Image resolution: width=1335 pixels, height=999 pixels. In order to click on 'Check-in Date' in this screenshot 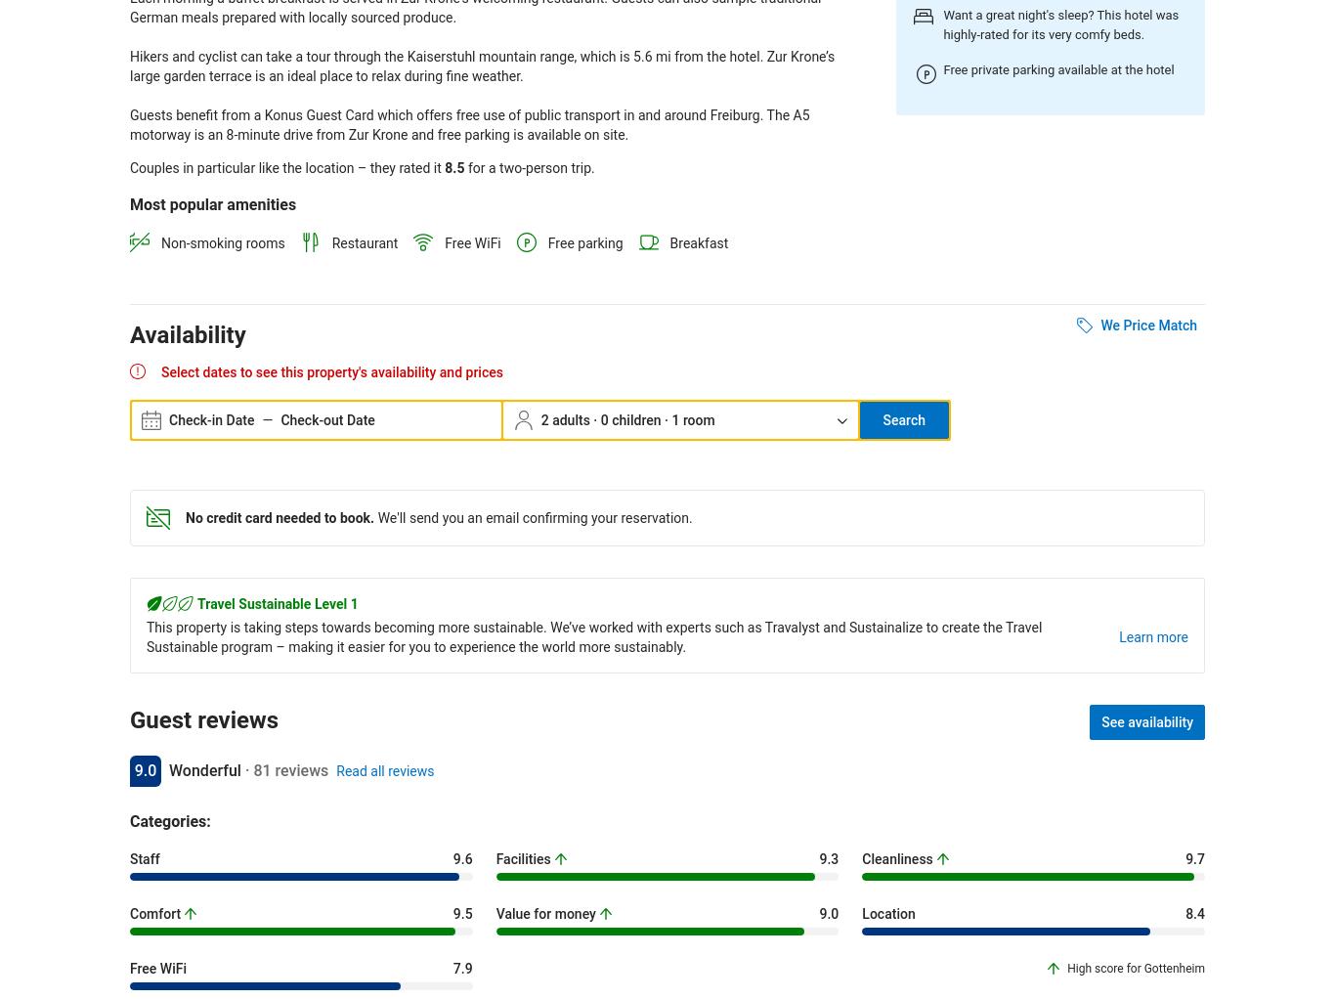, I will do `click(167, 419)`.